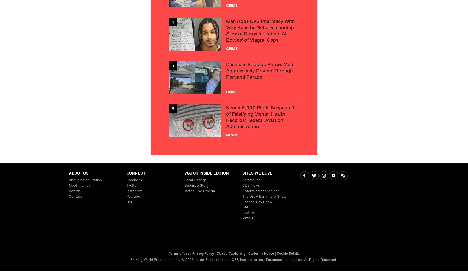 The height and width of the screenshot is (274, 468). I want to click on 'Last.fm', so click(248, 213).